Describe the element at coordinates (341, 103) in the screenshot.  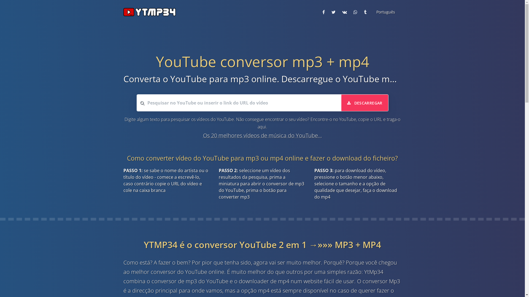
I see `'DESCARREGAR'` at that location.